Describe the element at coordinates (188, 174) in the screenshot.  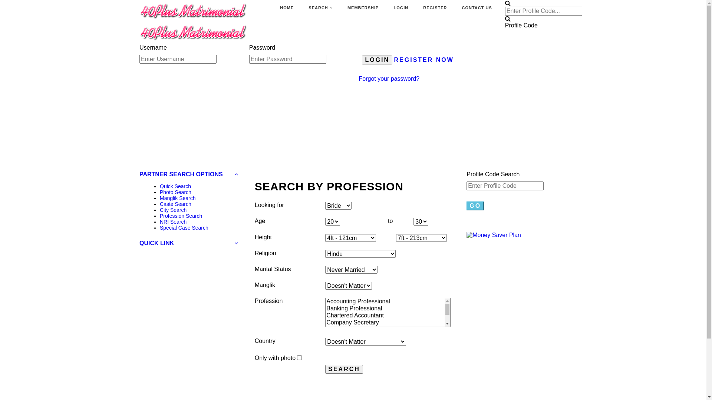
I see `'PARTNER SEARCH OPTIONS'` at that location.